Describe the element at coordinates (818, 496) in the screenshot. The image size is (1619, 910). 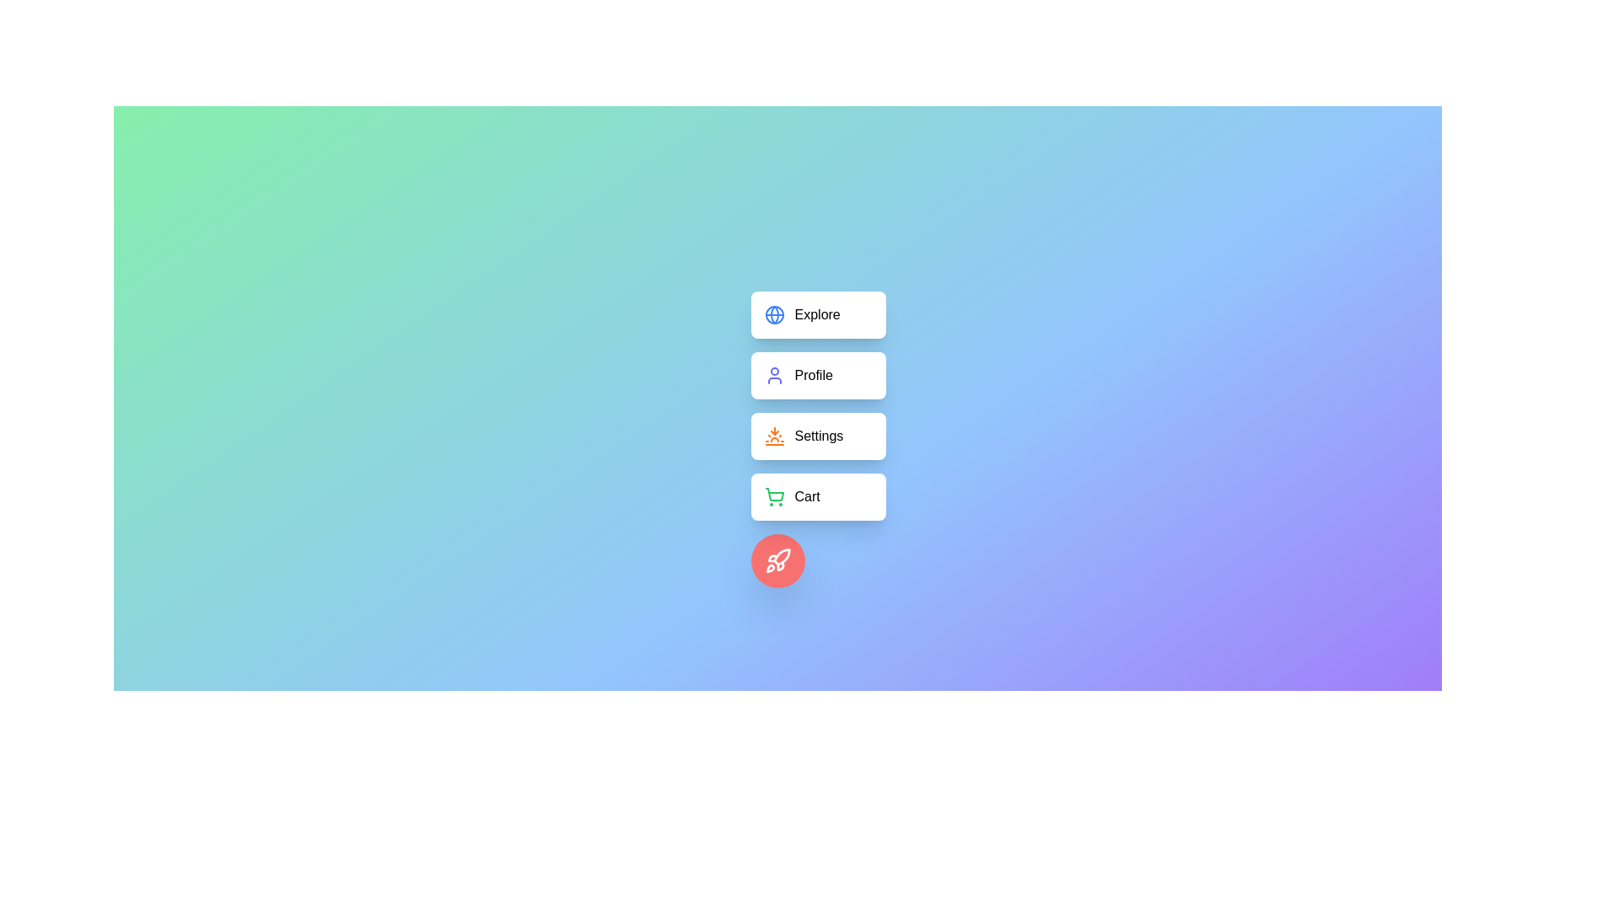
I see `the 'Cart' button to select it` at that location.